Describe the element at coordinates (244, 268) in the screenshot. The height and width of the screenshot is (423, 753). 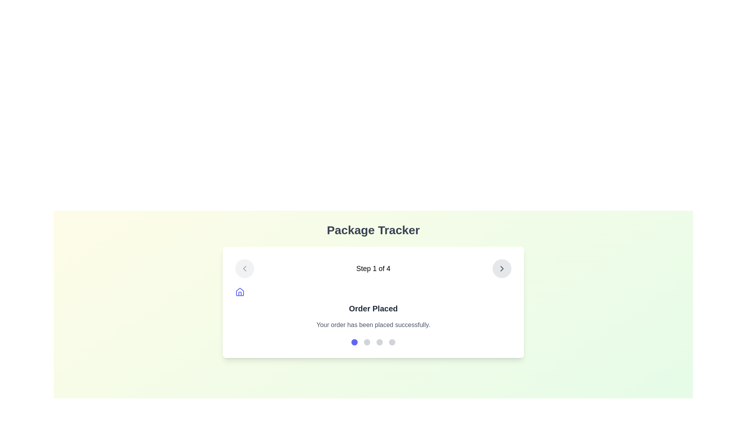
I see `the leftward-pointing chevron icon located in the navigation section of the interface, near the top of the central white card` at that location.